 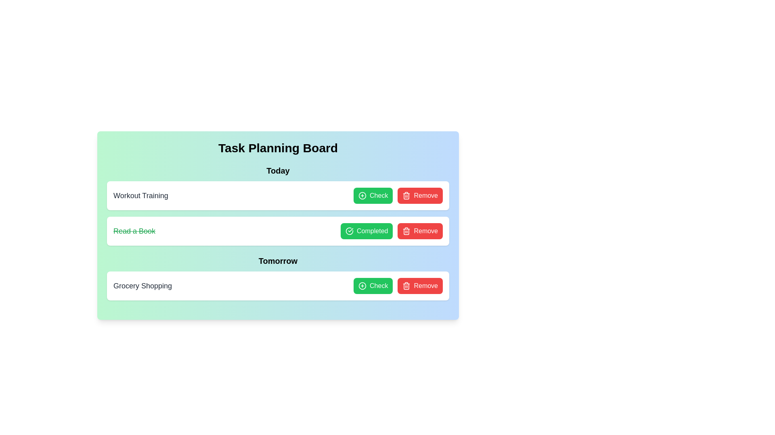 What do you see at coordinates (420, 231) in the screenshot?
I see `the 'Remove' button for the task titled 'Read a Book'` at bounding box center [420, 231].